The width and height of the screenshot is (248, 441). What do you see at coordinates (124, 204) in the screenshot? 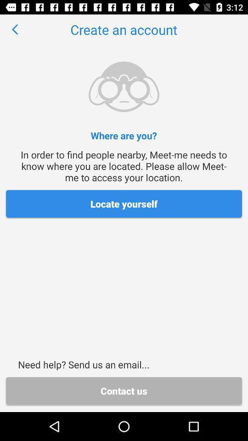
I see `locate yourself` at bounding box center [124, 204].